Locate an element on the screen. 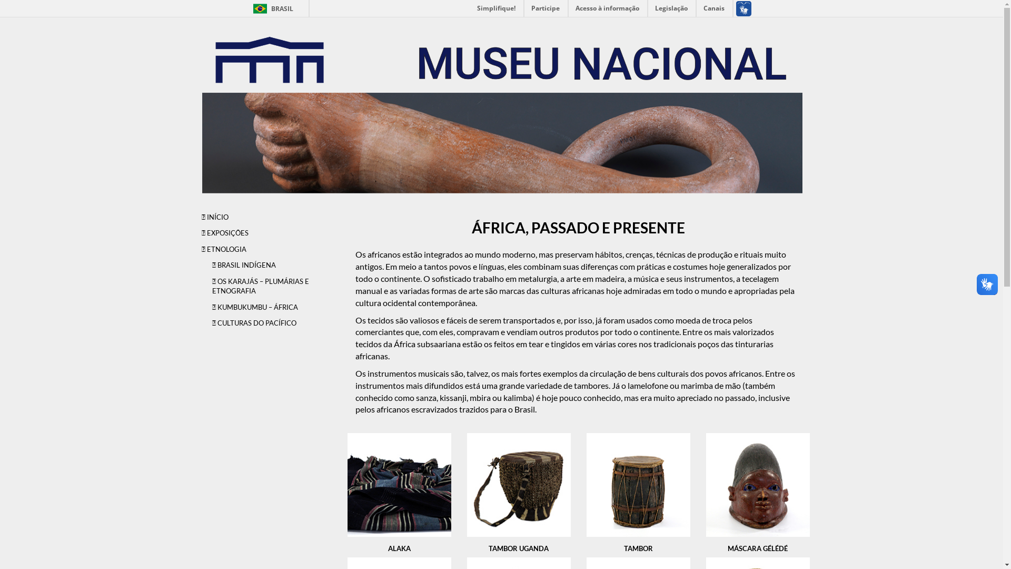  'TAMBOR UGANDA' is located at coordinates (467, 492).